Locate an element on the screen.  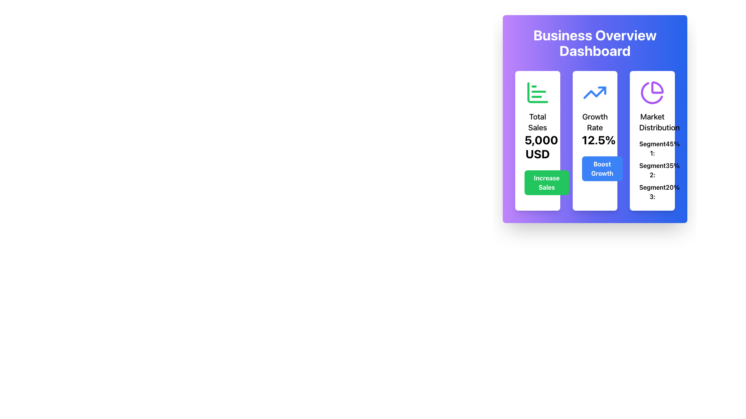
text label displaying '20%' in bold black font located under 'Segment 3:' within the 'Market Distribution' section of the dashboard is located at coordinates (672, 192).